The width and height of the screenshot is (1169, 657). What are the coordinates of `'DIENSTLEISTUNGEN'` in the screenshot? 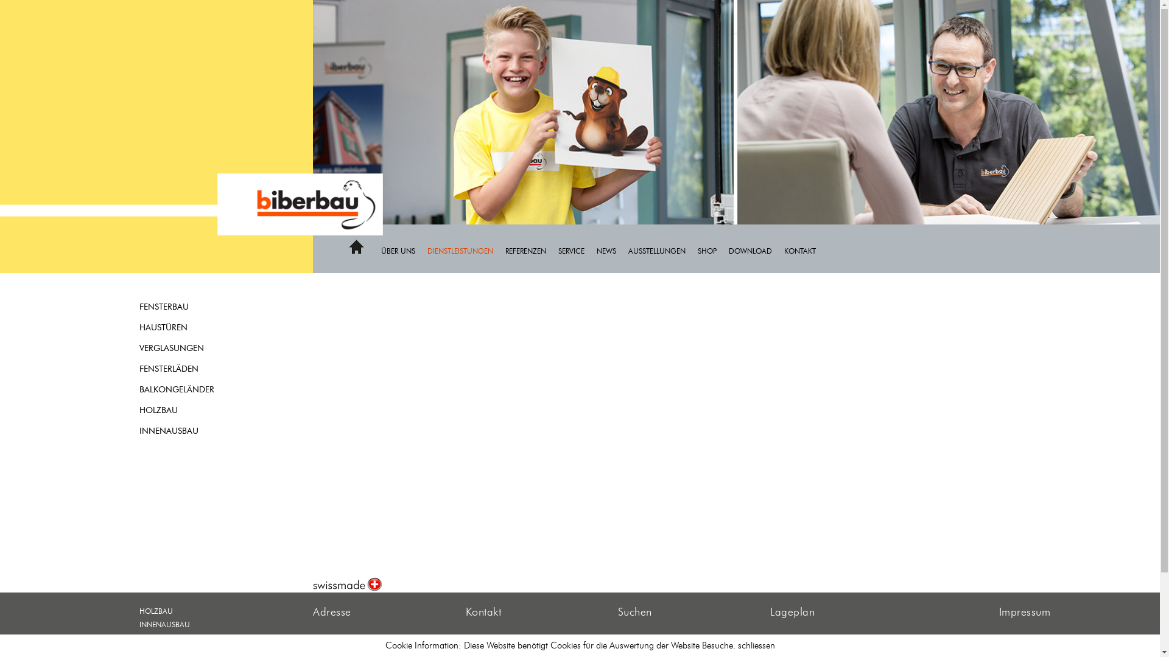 It's located at (466, 249).